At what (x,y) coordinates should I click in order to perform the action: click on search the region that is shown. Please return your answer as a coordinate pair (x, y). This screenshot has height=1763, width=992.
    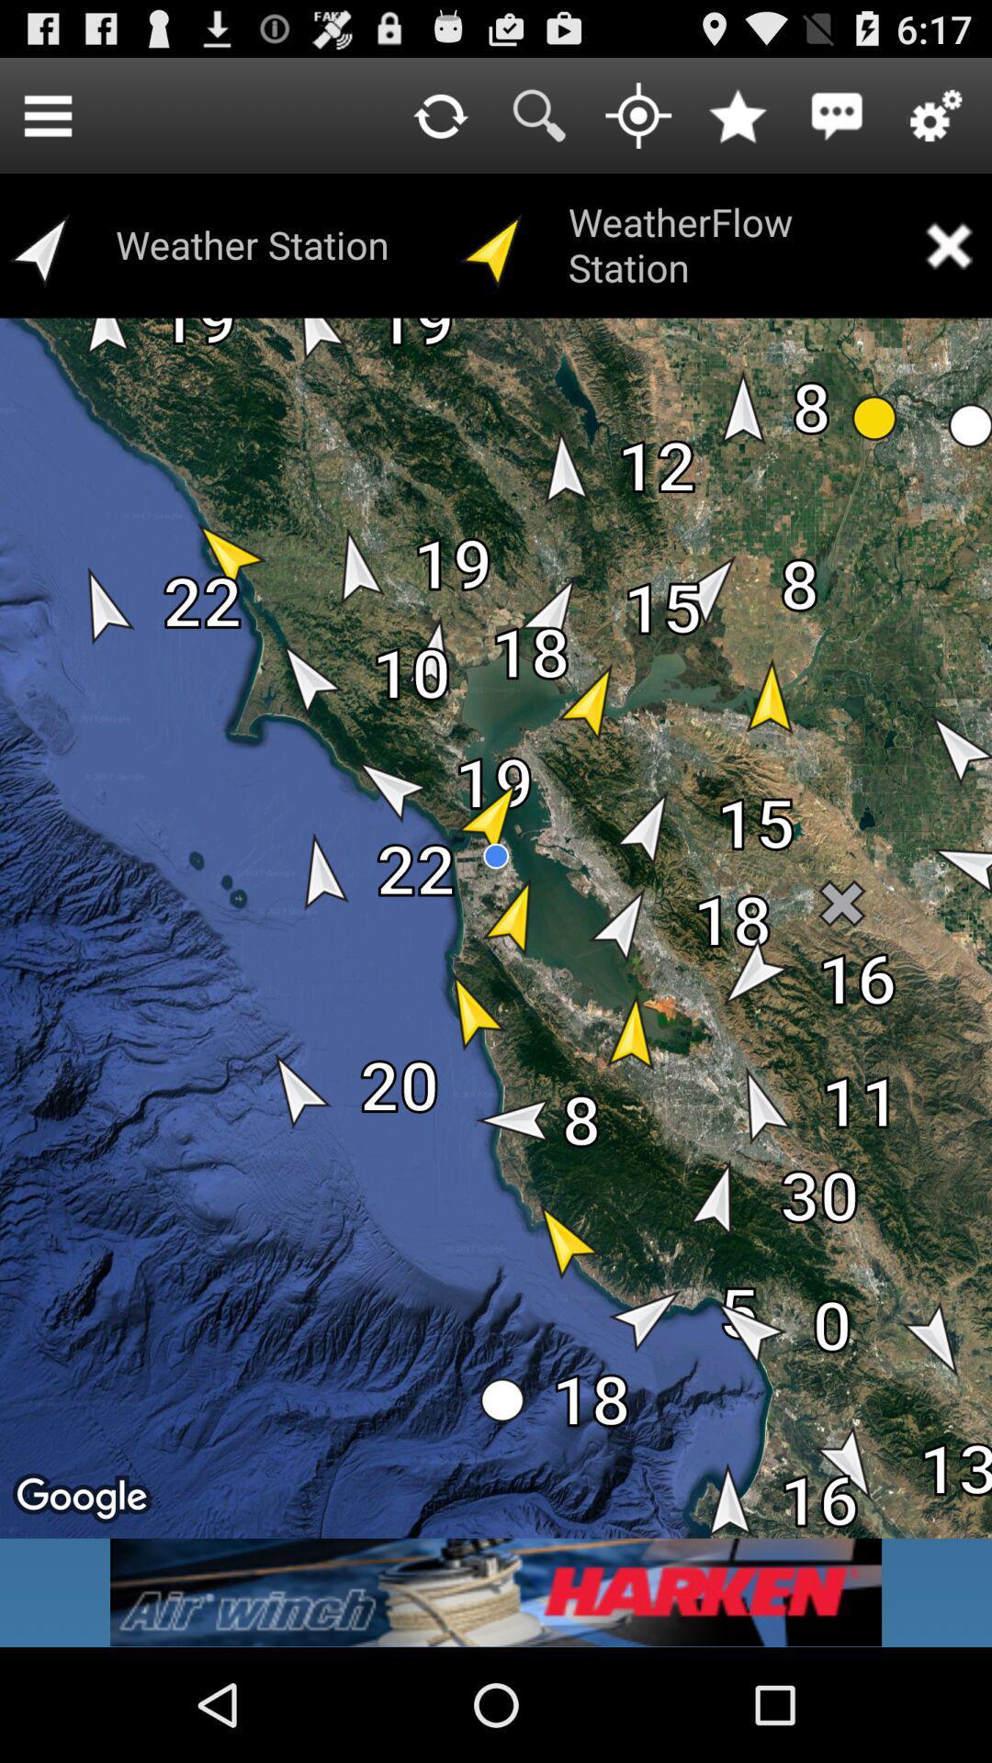
    Looking at the image, I should click on (538, 114).